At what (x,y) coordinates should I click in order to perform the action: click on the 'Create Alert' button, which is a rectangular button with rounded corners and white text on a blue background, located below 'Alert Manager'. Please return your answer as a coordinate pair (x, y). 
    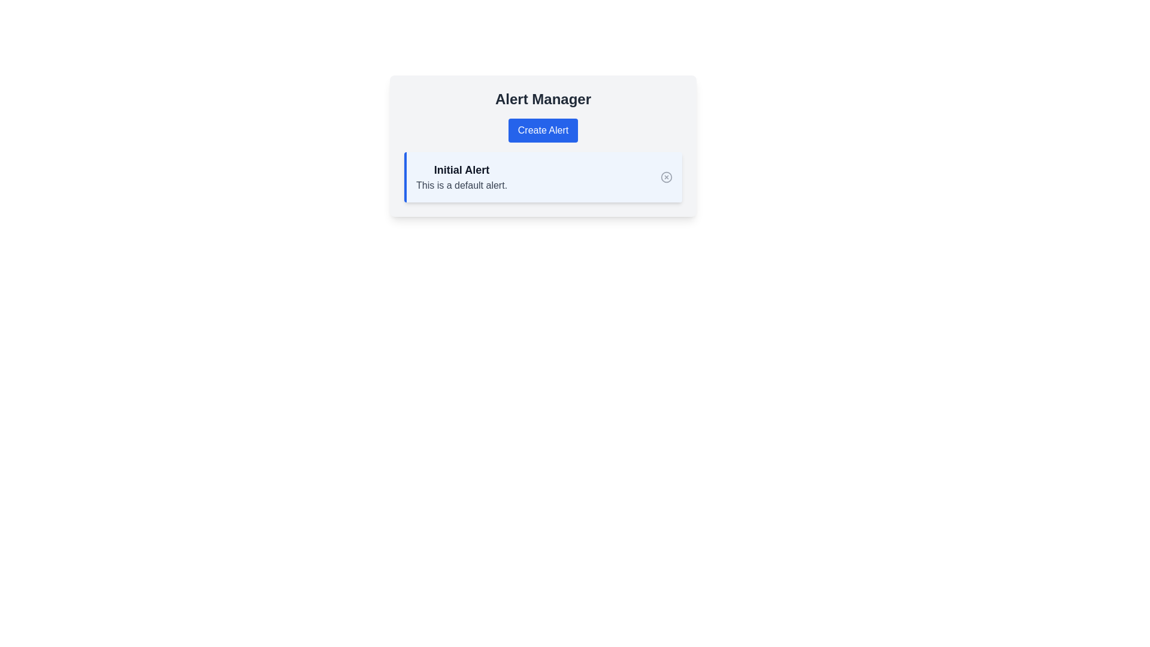
    Looking at the image, I should click on (543, 131).